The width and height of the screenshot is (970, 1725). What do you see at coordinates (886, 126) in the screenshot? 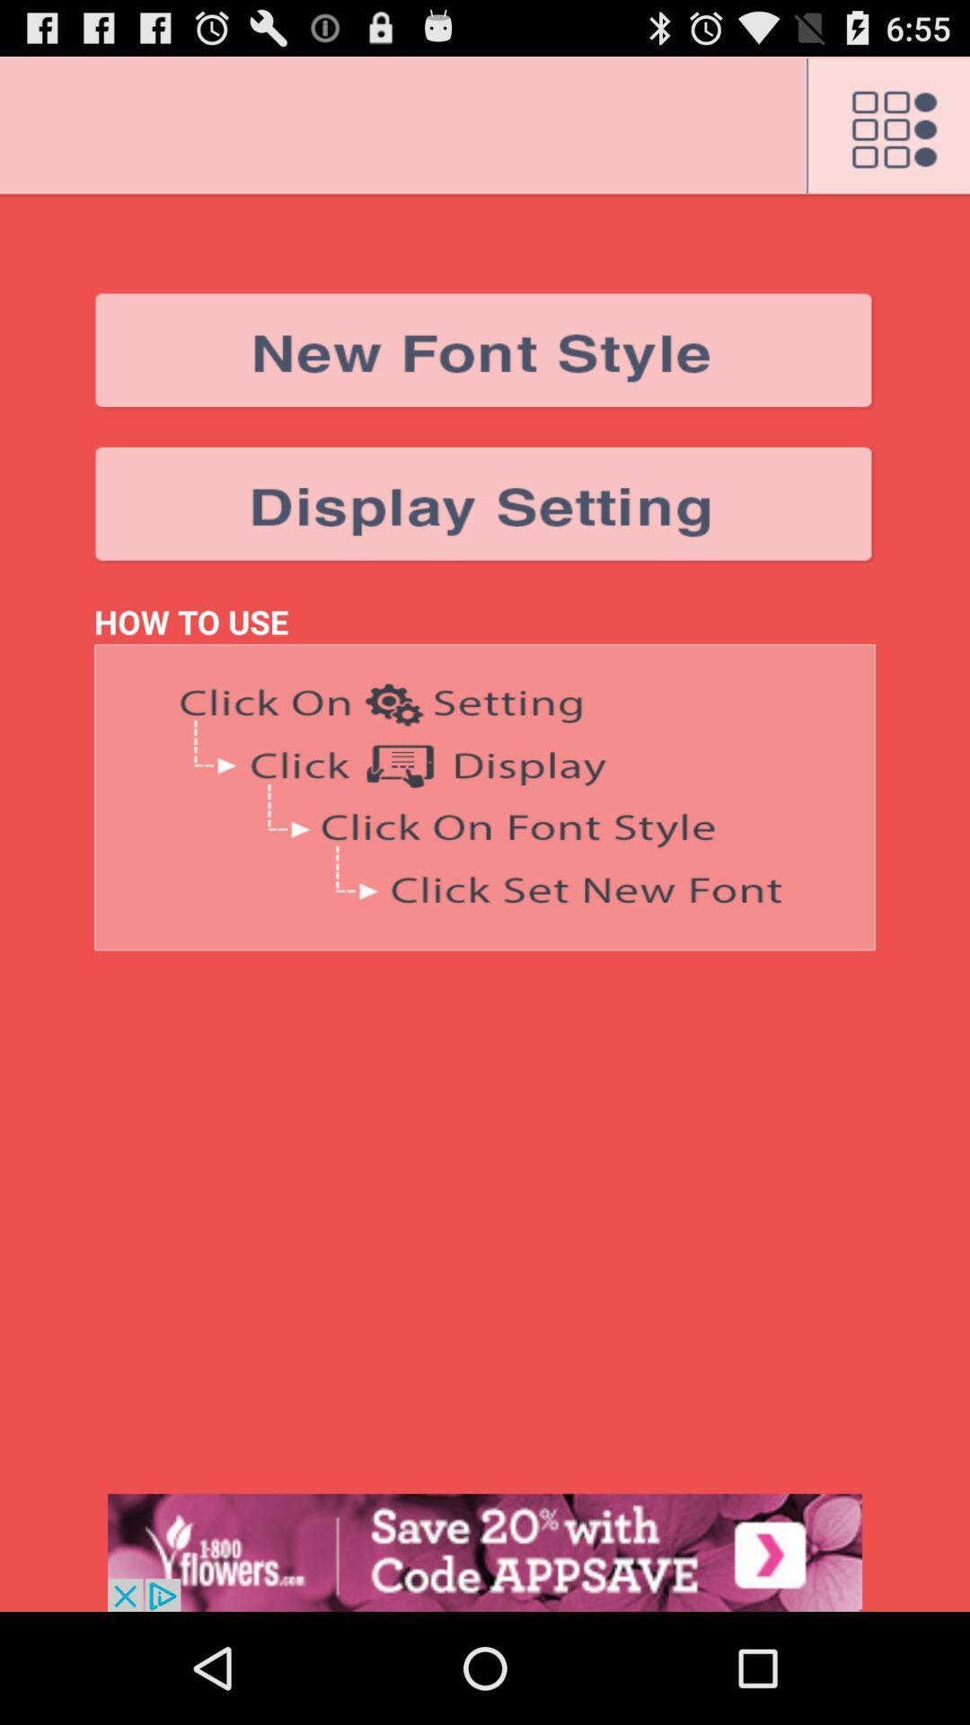
I see `open settings` at bounding box center [886, 126].